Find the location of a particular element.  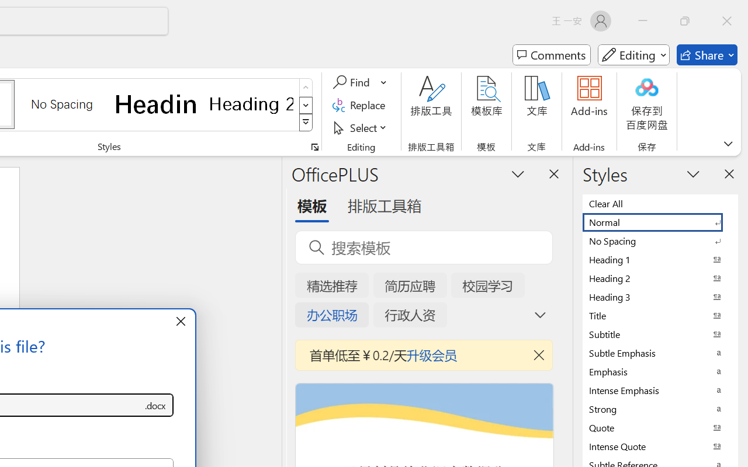

'No Spacing' is located at coordinates (660, 241).